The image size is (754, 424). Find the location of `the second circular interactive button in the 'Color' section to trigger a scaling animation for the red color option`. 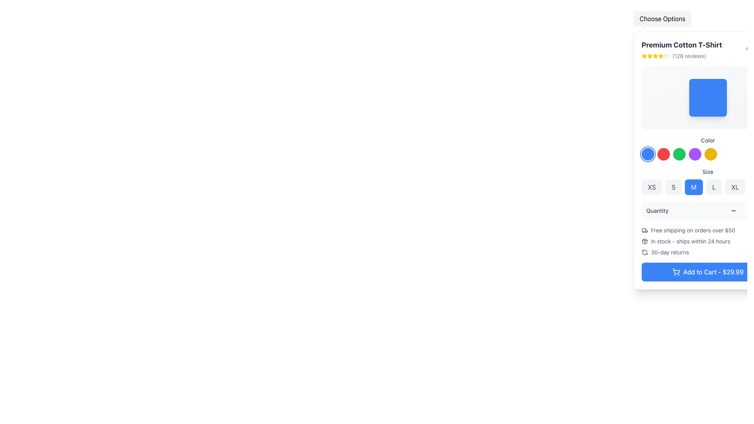

the second circular interactive button in the 'Color' section to trigger a scaling animation for the red color option is located at coordinates (663, 154).